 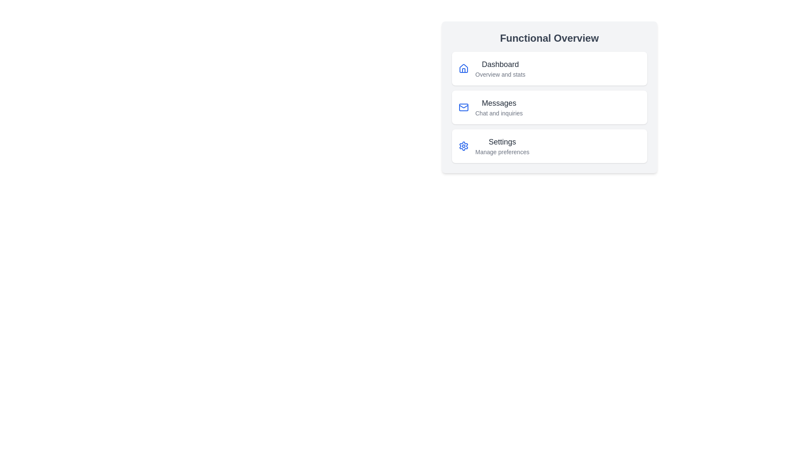 What do you see at coordinates (463, 68) in the screenshot?
I see `the dashboard icon located in the top-left corner of the first white card under the 'Functional Overview' section, to the left of the 'Dashboard' and 'Overview and stats' text elements` at bounding box center [463, 68].